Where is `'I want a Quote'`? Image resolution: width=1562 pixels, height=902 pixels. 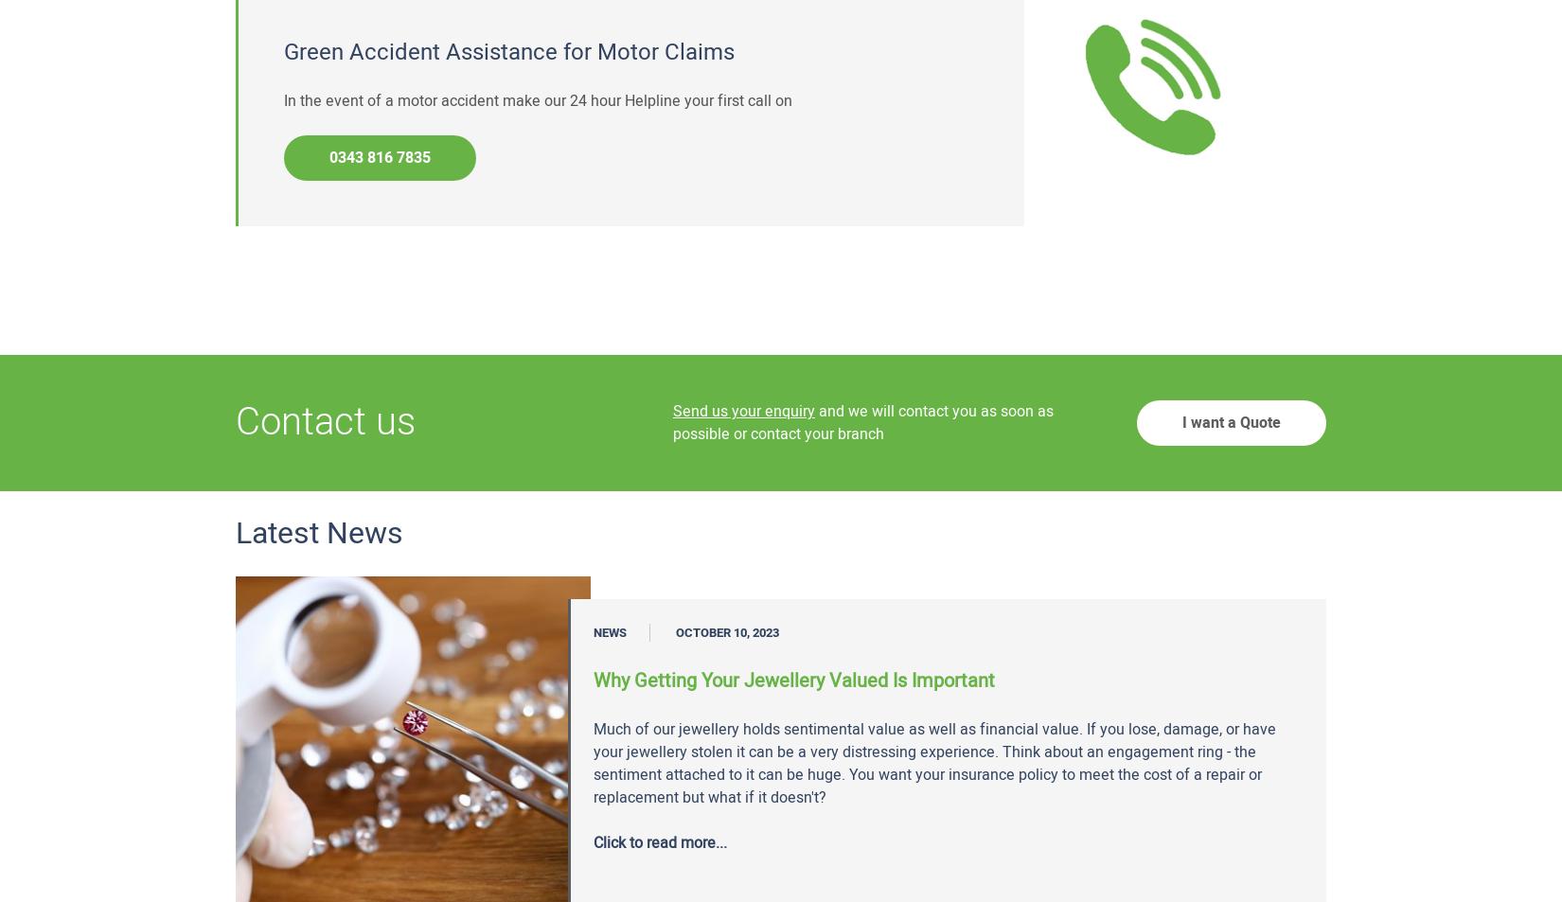
'I want a Quote' is located at coordinates (1231, 421).